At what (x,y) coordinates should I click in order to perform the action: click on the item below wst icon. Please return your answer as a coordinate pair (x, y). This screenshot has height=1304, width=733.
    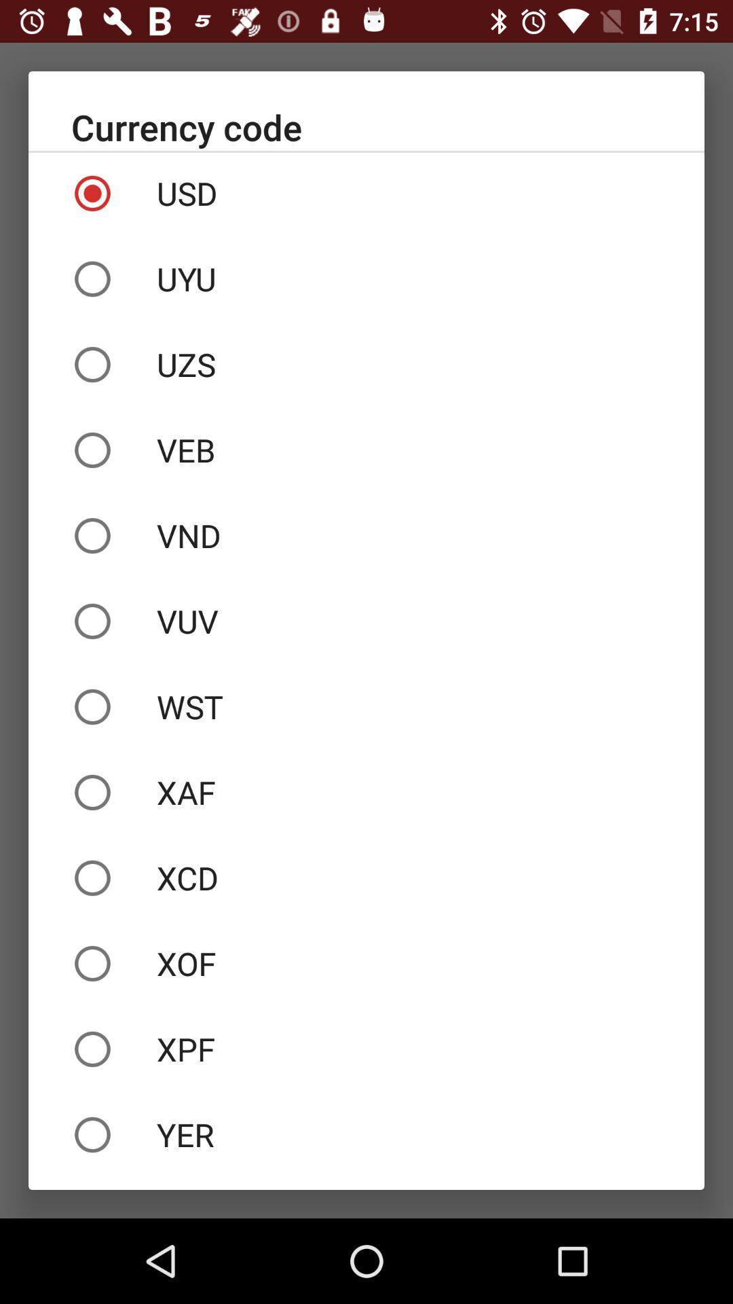
    Looking at the image, I should click on (366, 792).